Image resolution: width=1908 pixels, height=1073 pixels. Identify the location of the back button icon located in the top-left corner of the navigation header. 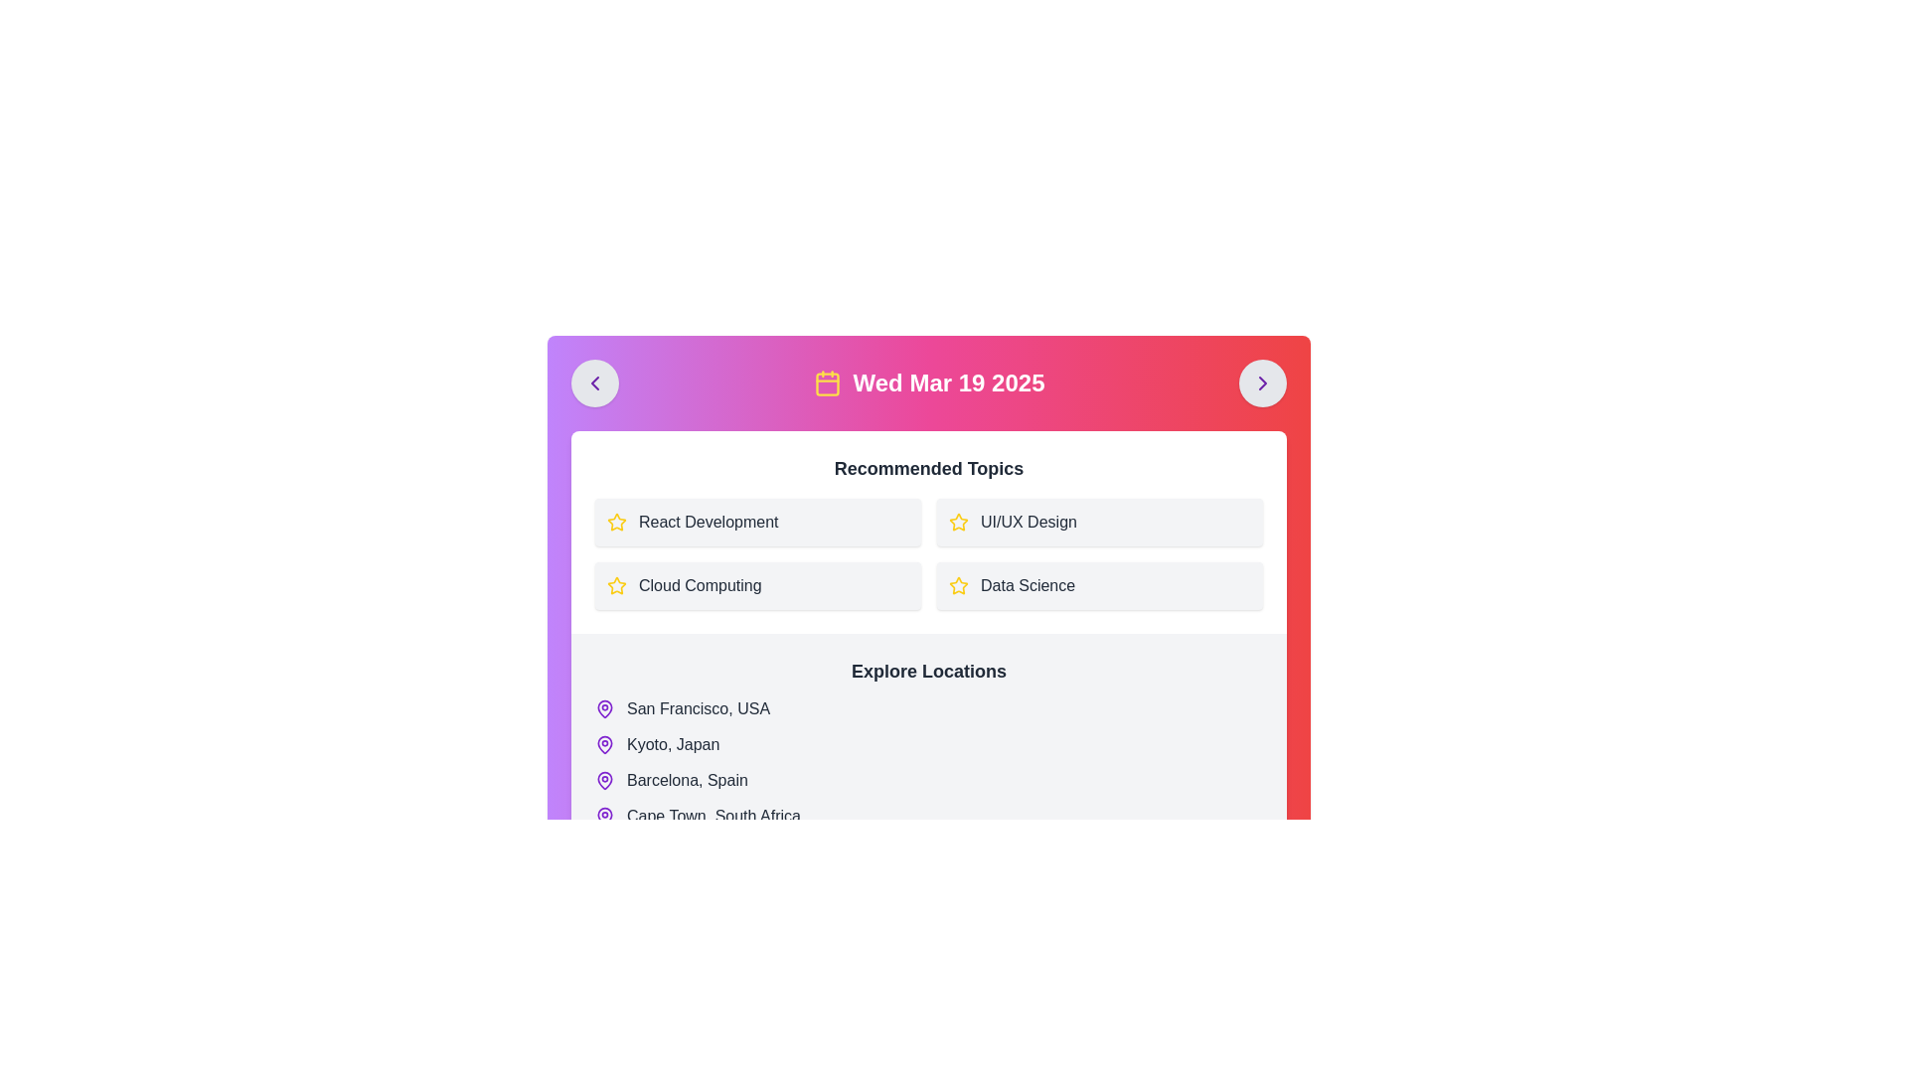
(594, 383).